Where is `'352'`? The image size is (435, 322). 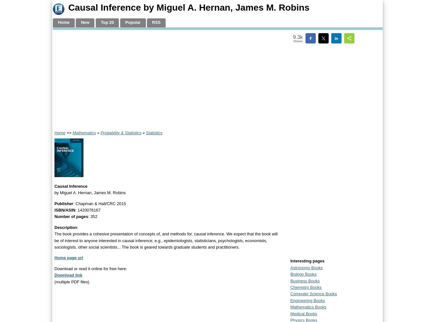
'352' is located at coordinates (93, 216).